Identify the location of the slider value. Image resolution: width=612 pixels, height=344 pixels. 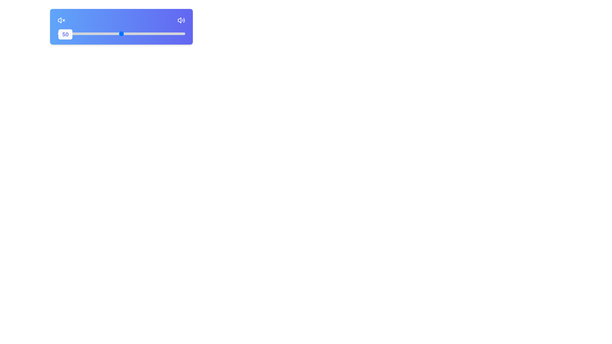
(127, 33).